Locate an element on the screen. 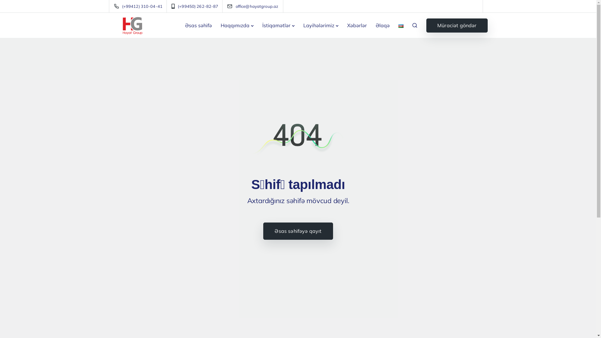 The width and height of the screenshot is (601, 338). '(+99412) 310-04-41' is located at coordinates (139, 6).